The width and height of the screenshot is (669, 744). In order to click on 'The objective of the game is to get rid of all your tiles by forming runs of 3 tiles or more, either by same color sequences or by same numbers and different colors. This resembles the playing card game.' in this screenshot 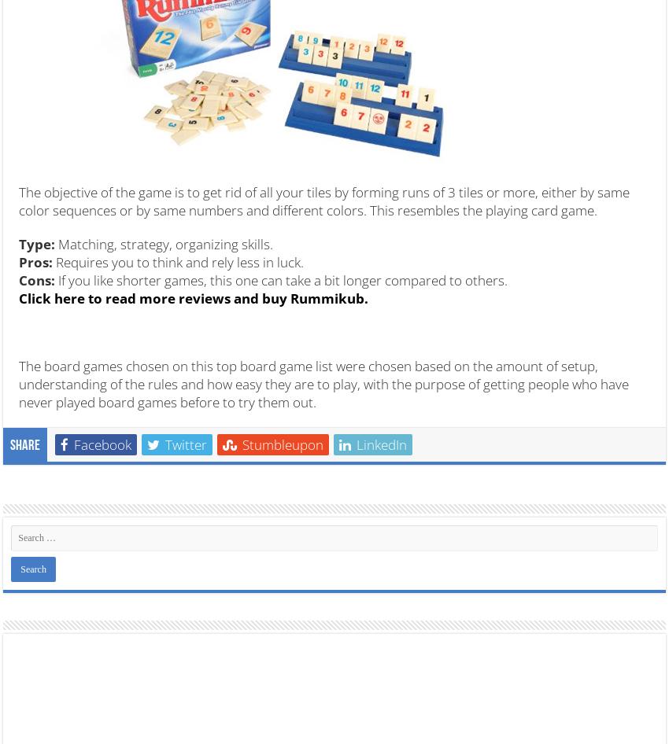, I will do `click(323, 200)`.